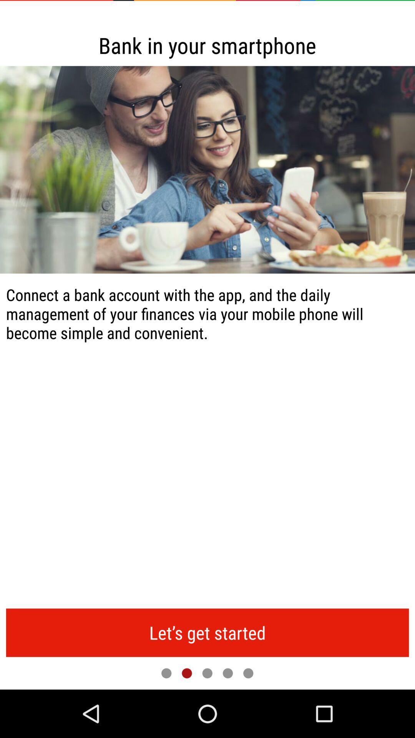  What do you see at coordinates (187, 673) in the screenshot?
I see `remain on current slide` at bounding box center [187, 673].